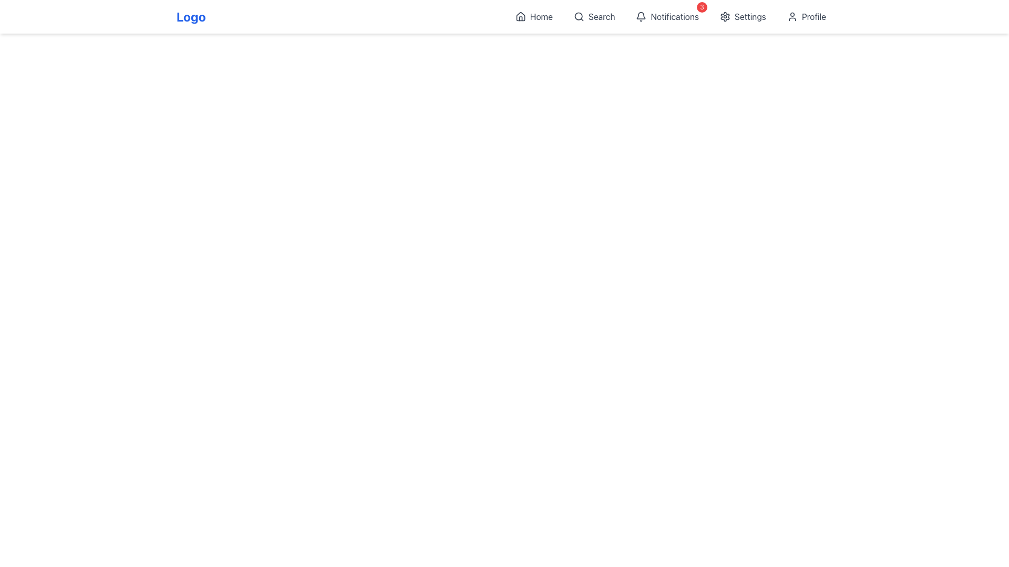 The height and width of the screenshot is (567, 1009). What do you see at coordinates (534, 16) in the screenshot?
I see `the navigation button located at the leftmost position of the horizontal menu in the top bar` at bounding box center [534, 16].